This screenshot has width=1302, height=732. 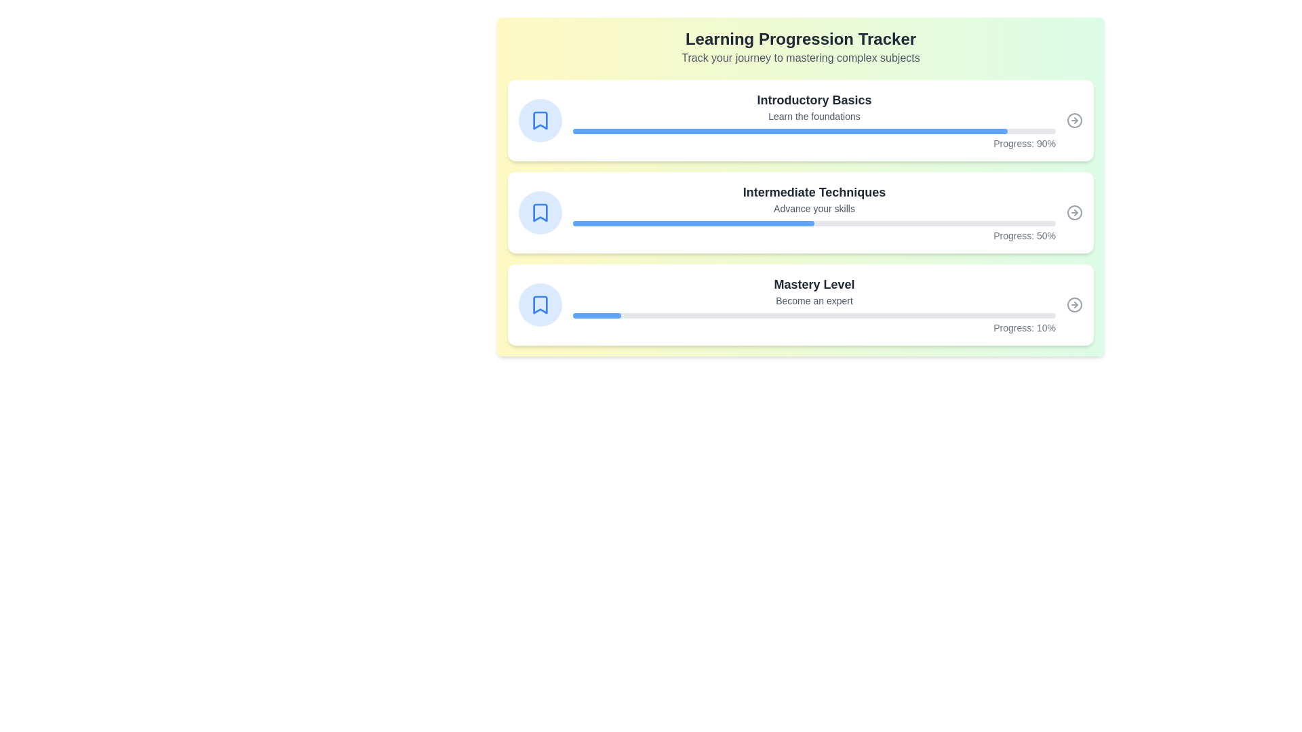 I want to click on the non-interactive text label indicating 'Intermediate Techniques', which serves as a title for the surrounding content, so click(x=814, y=192).